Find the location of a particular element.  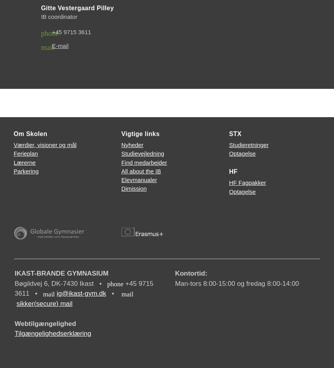

'Vigtige links' is located at coordinates (140, 133).